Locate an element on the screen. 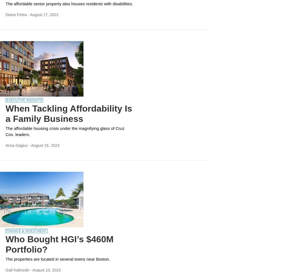 Image resolution: width=306 pixels, height=272 pixels. 'The affordable senior property also houses residents with disabilities.' is located at coordinates (69, 4).